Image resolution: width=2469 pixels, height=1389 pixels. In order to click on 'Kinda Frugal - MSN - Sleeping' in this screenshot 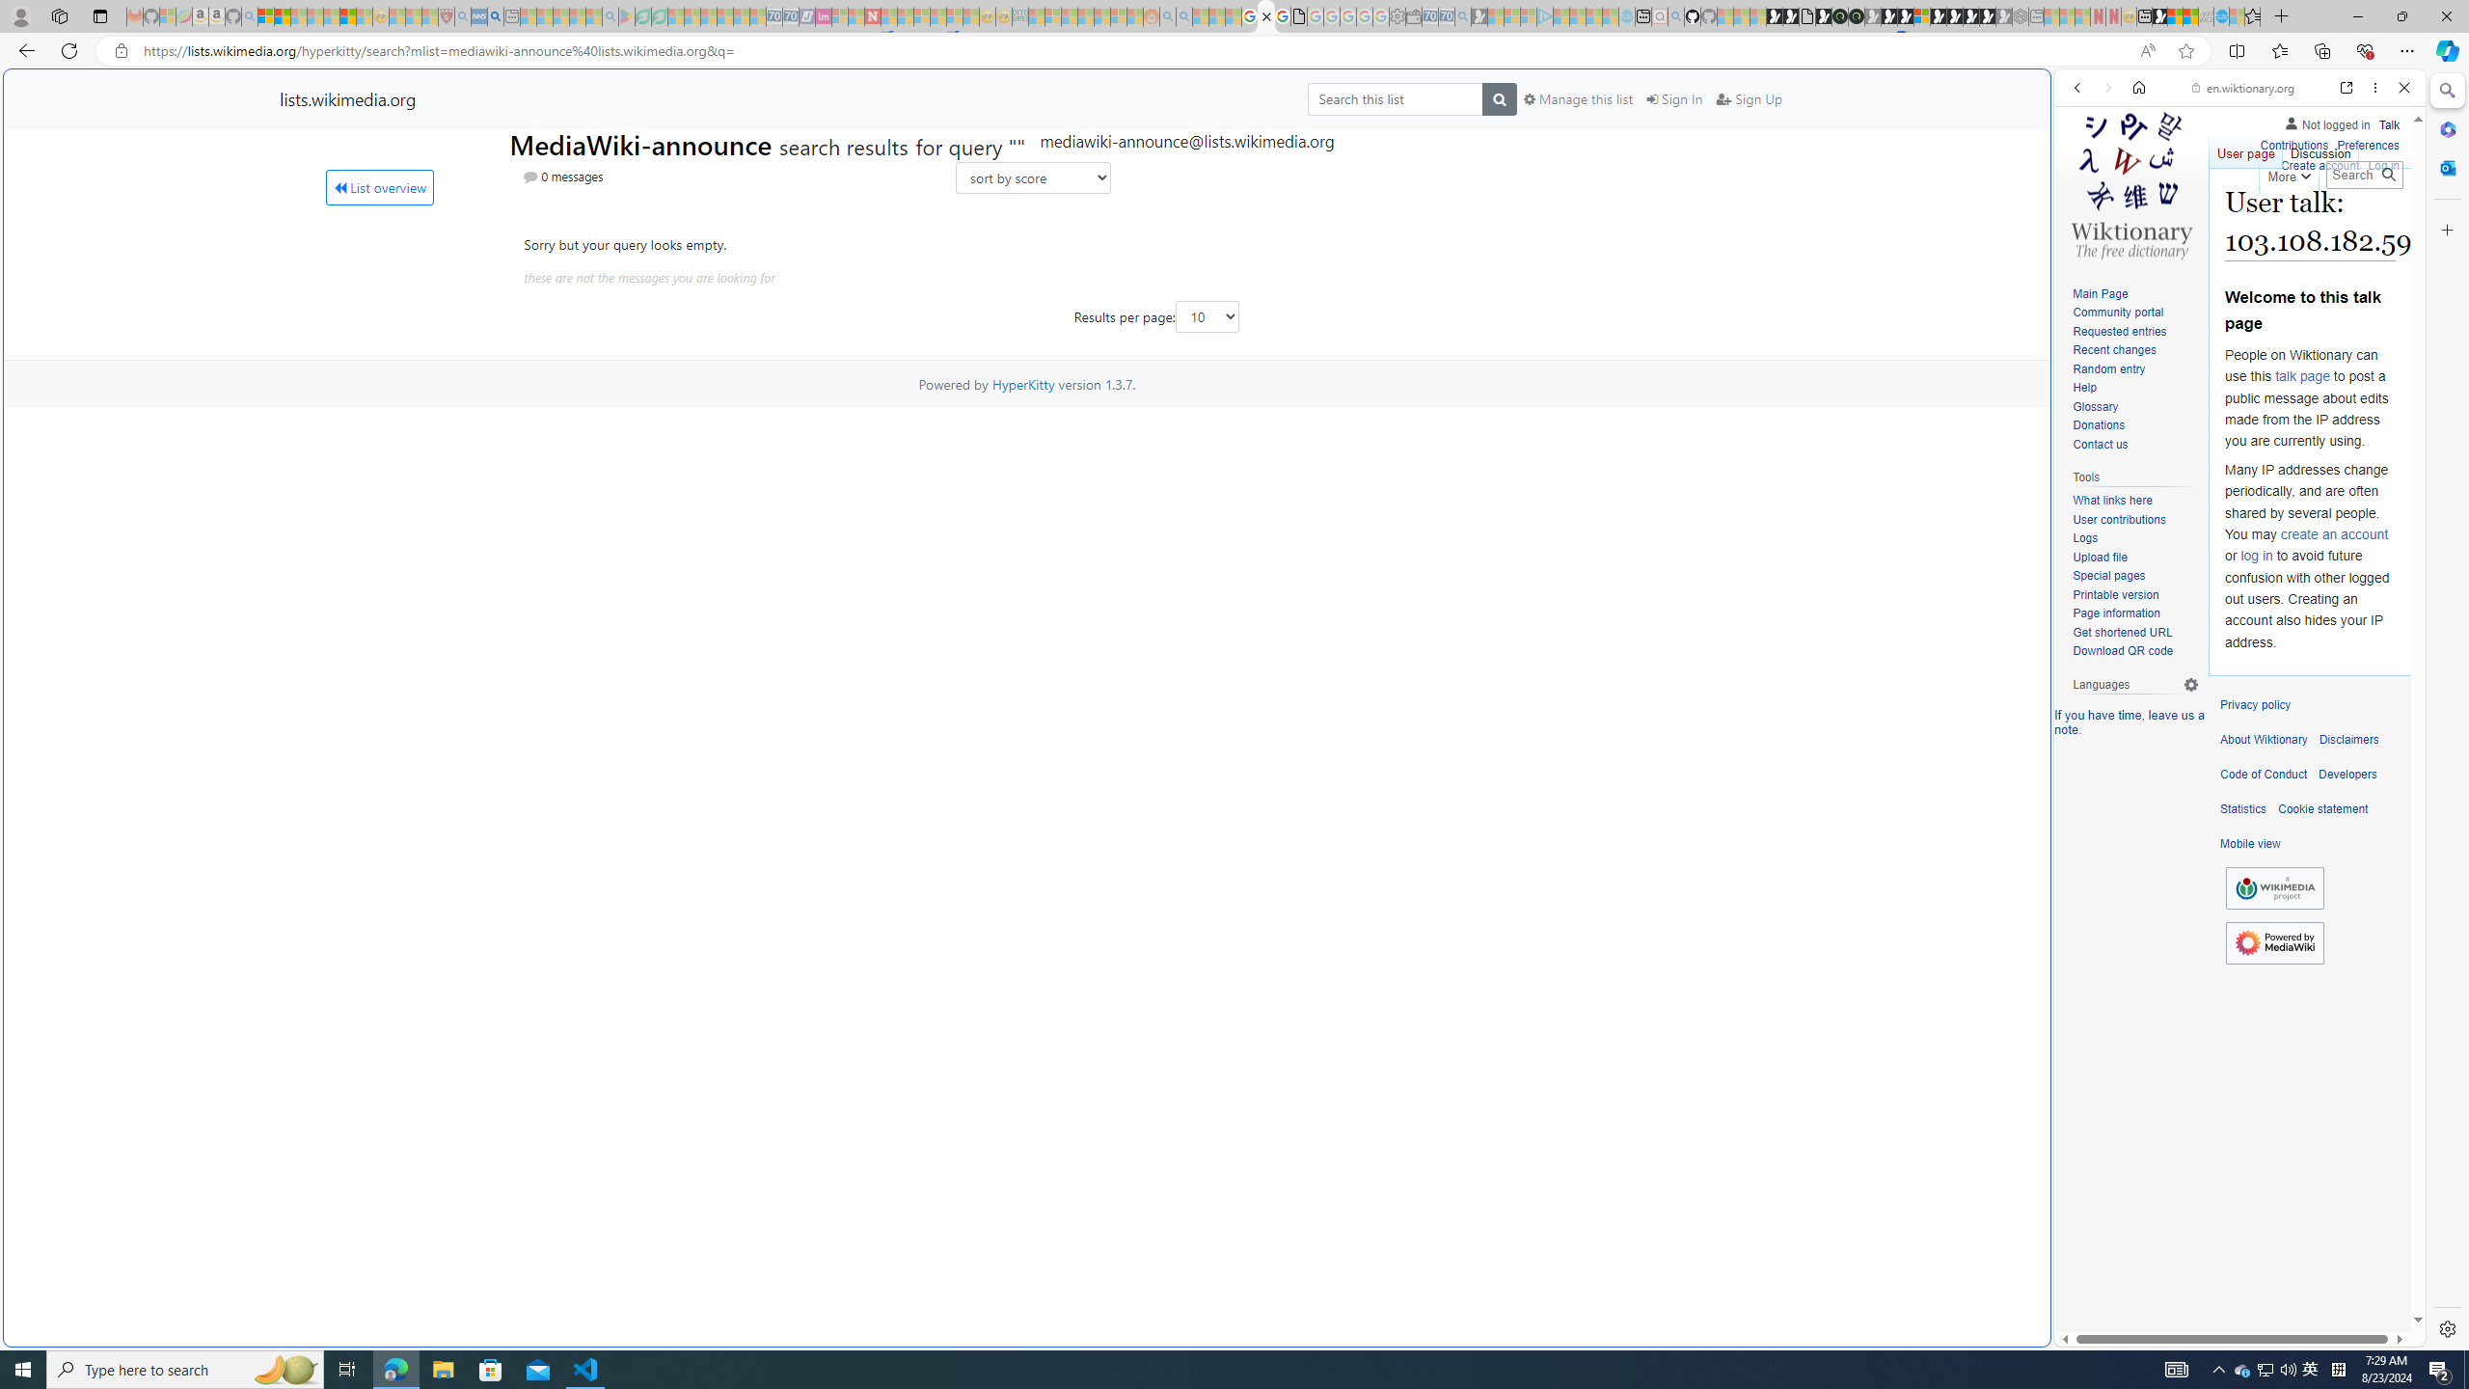, I will do `click(1101, 15)`.